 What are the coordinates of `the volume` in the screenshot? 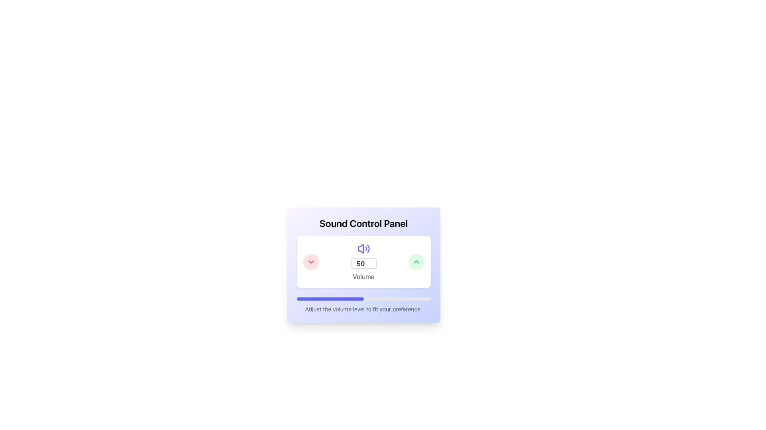 It's located at (349, 299).